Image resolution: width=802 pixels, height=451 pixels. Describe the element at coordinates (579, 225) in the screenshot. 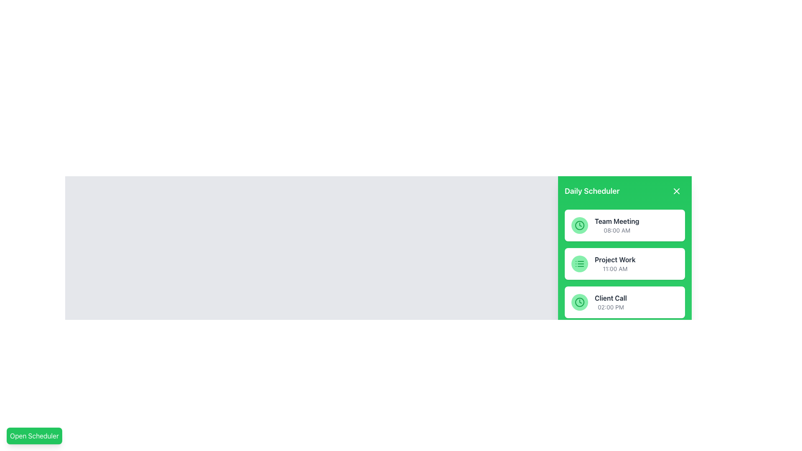

I see `the time icon located within a green background circle, positioned at the left edge of the 'Team Meeting' row with the time display of '08:00 AM'` at that location.